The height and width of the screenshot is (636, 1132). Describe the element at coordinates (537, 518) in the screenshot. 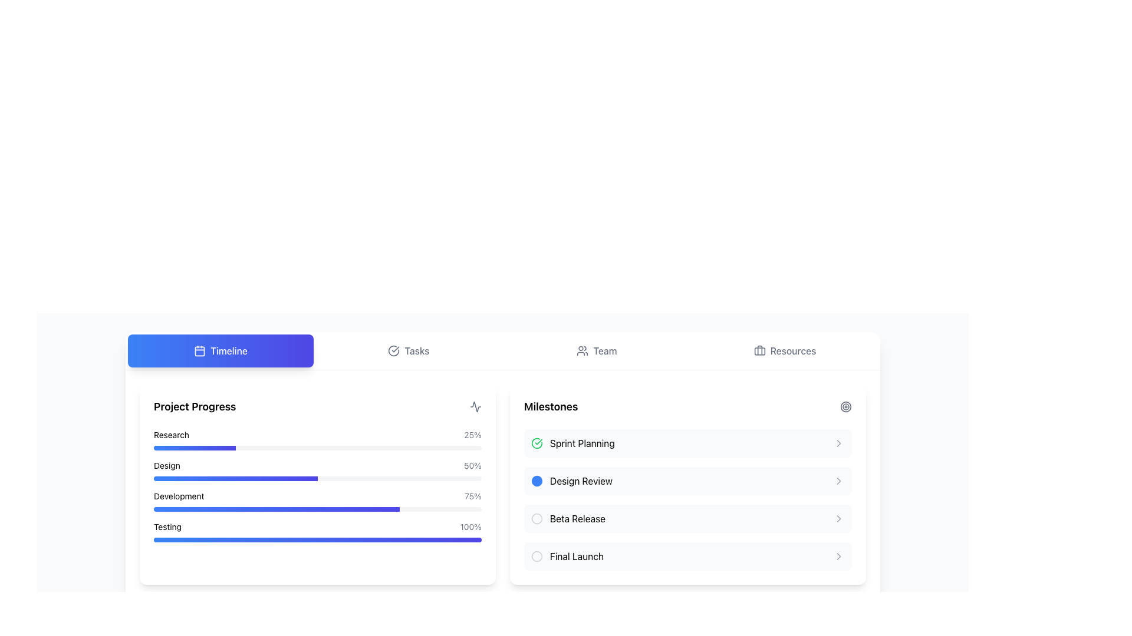

I see `the icon representing the status of the 'Beta Release' milestone, located adjacent to the 'Beta Release' label` at that location.